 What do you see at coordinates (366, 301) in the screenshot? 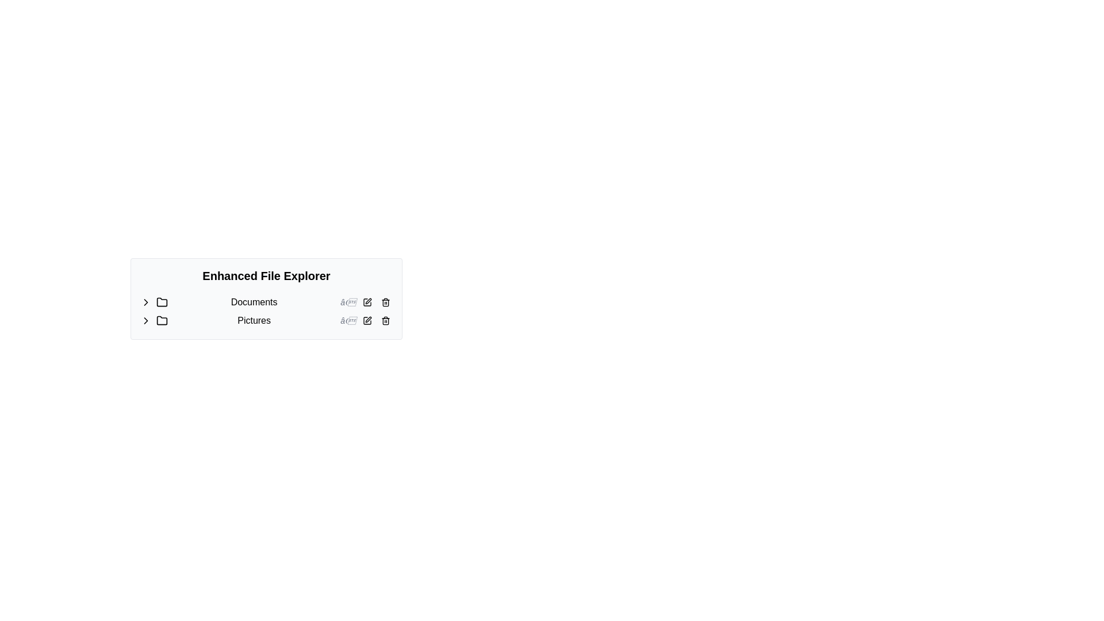
I see `the edit icon, which is the second icon in the row of options next to the 'Documents' label, to initiate an edit action` at bounding box center [366, 301].